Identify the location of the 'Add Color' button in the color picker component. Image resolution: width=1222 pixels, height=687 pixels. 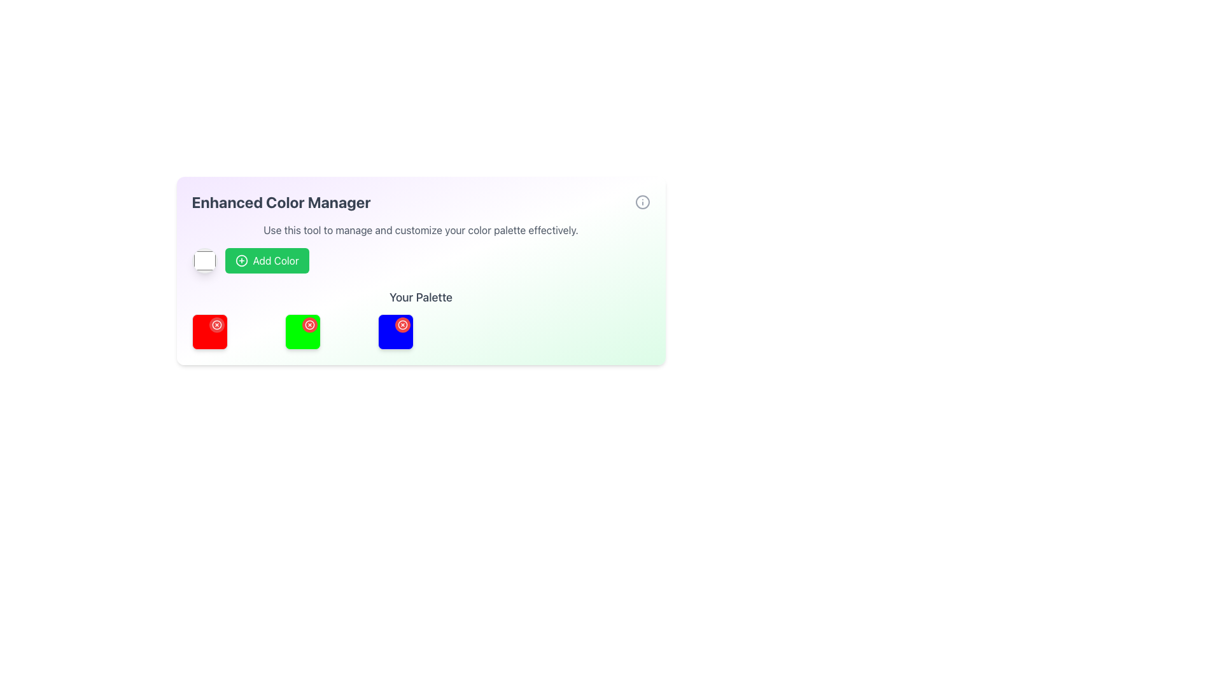
(421, 260).